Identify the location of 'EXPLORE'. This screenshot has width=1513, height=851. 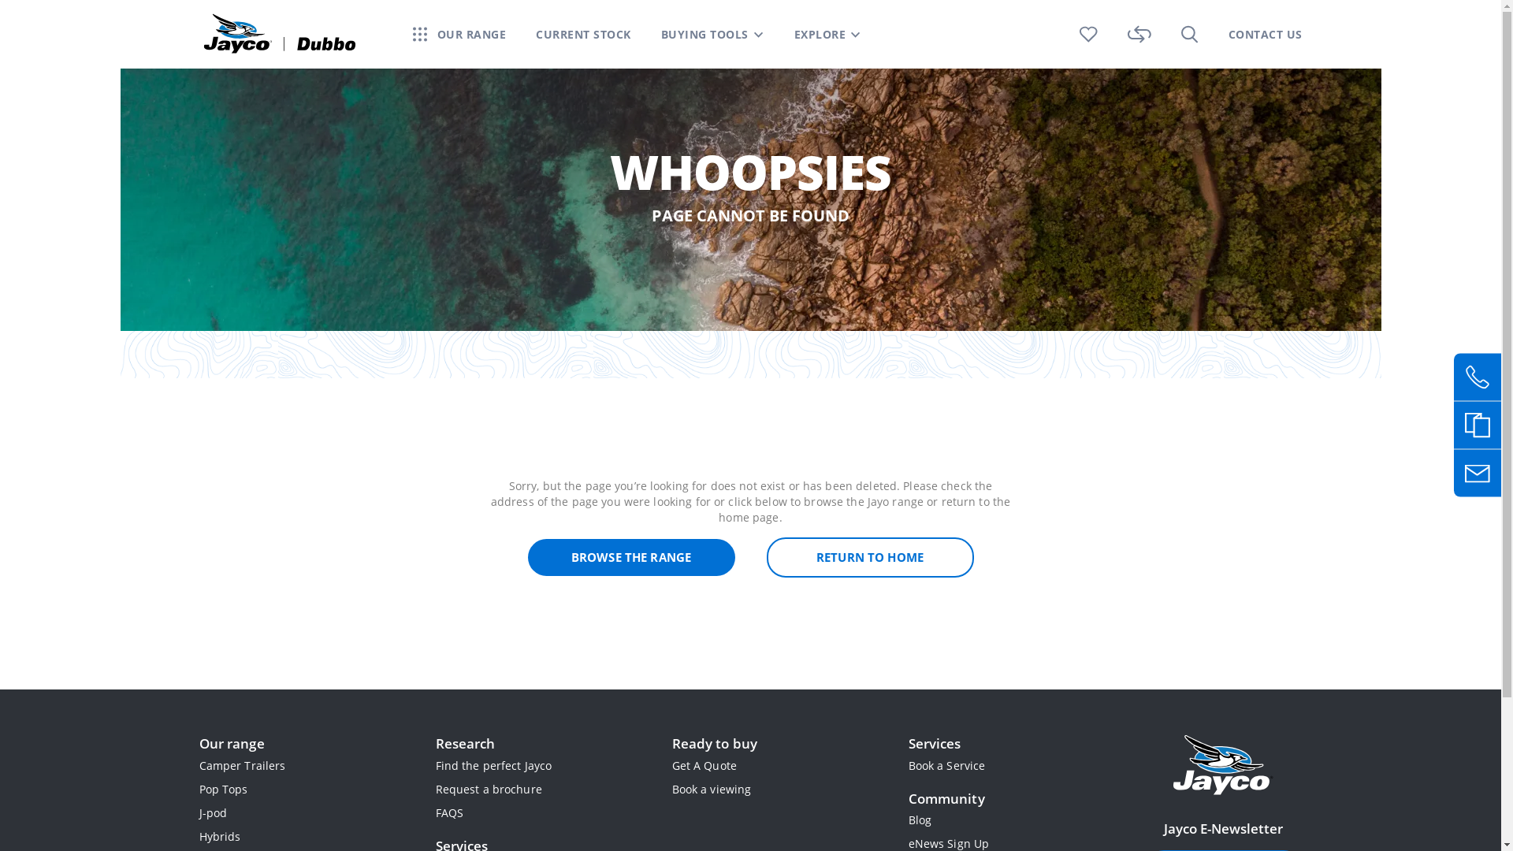
(820, 34).